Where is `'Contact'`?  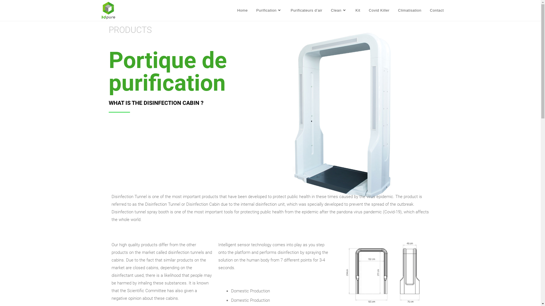
'Contact' is located at coordinates (425, 10).